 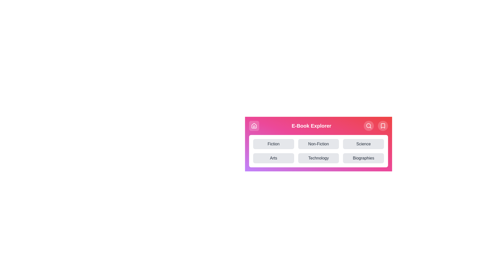 I want to click on the bookmark icon to view bookmarks, so click(x=383, y=125).